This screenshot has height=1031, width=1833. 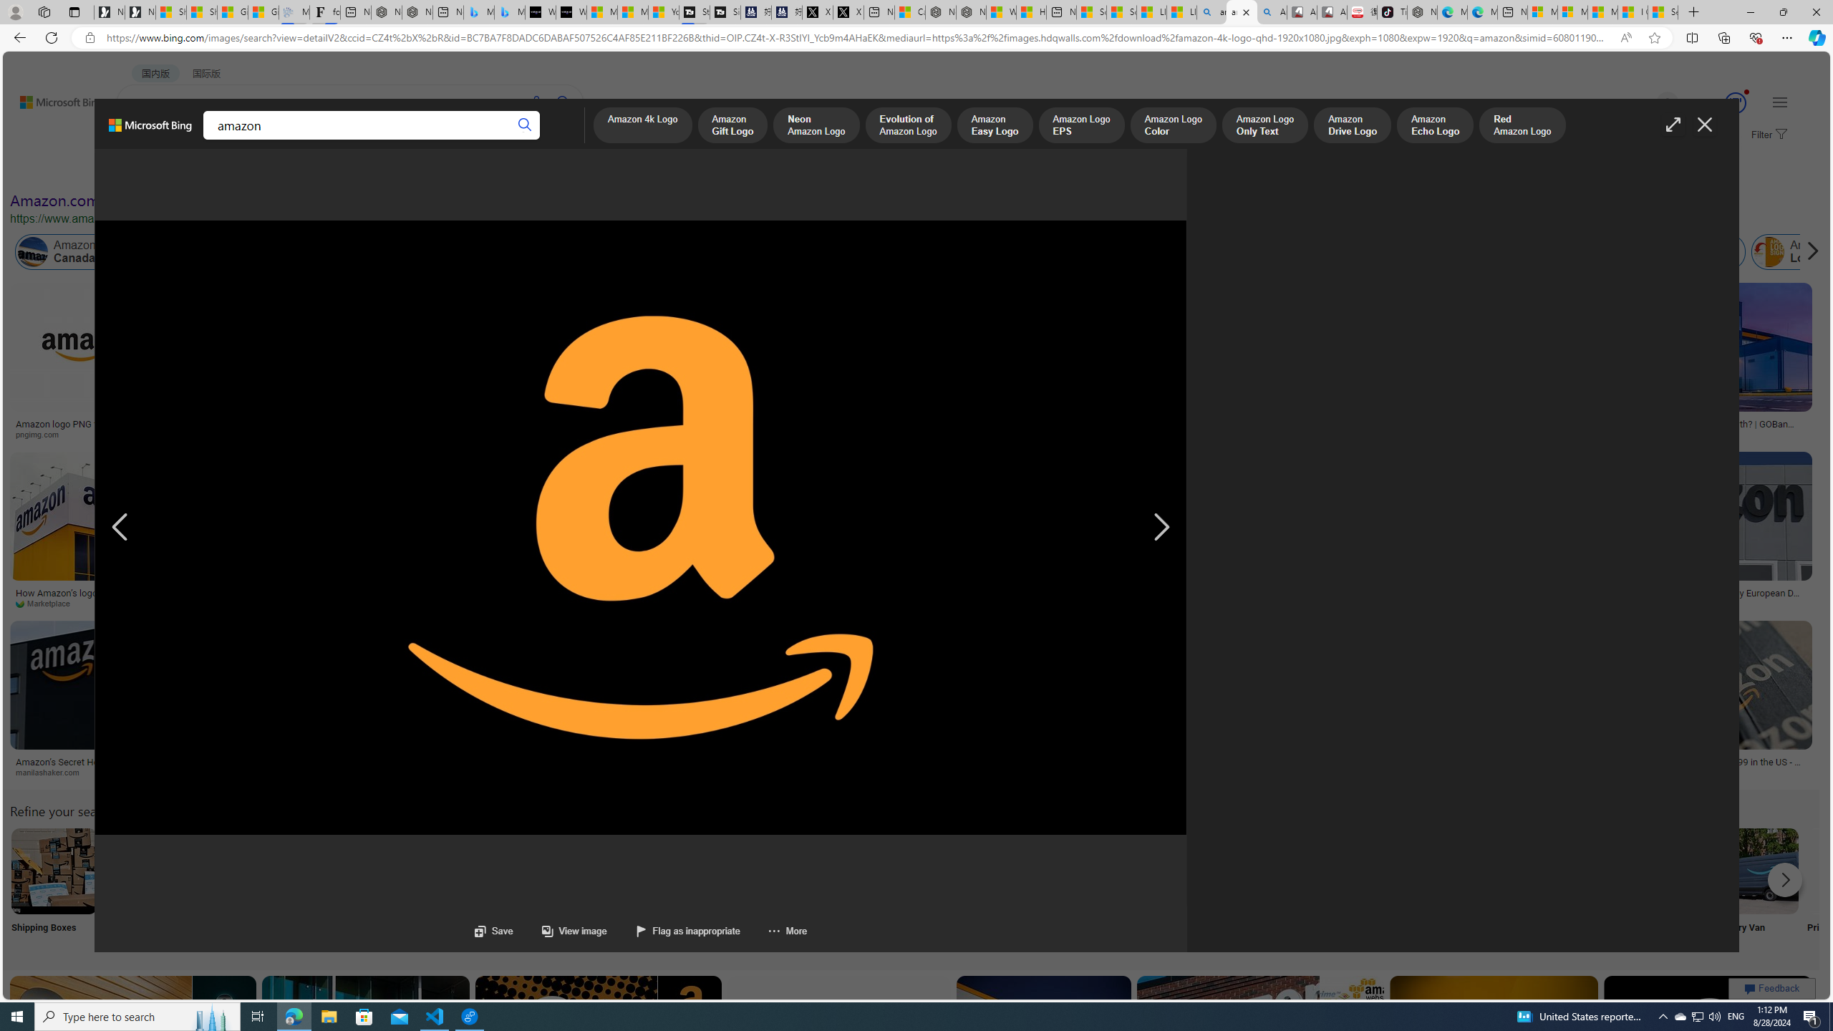 What do you see at coordinates (82, 252) in the screenshot?
I see `'Amazon Canada Online'` at bounding box center [82, 252].